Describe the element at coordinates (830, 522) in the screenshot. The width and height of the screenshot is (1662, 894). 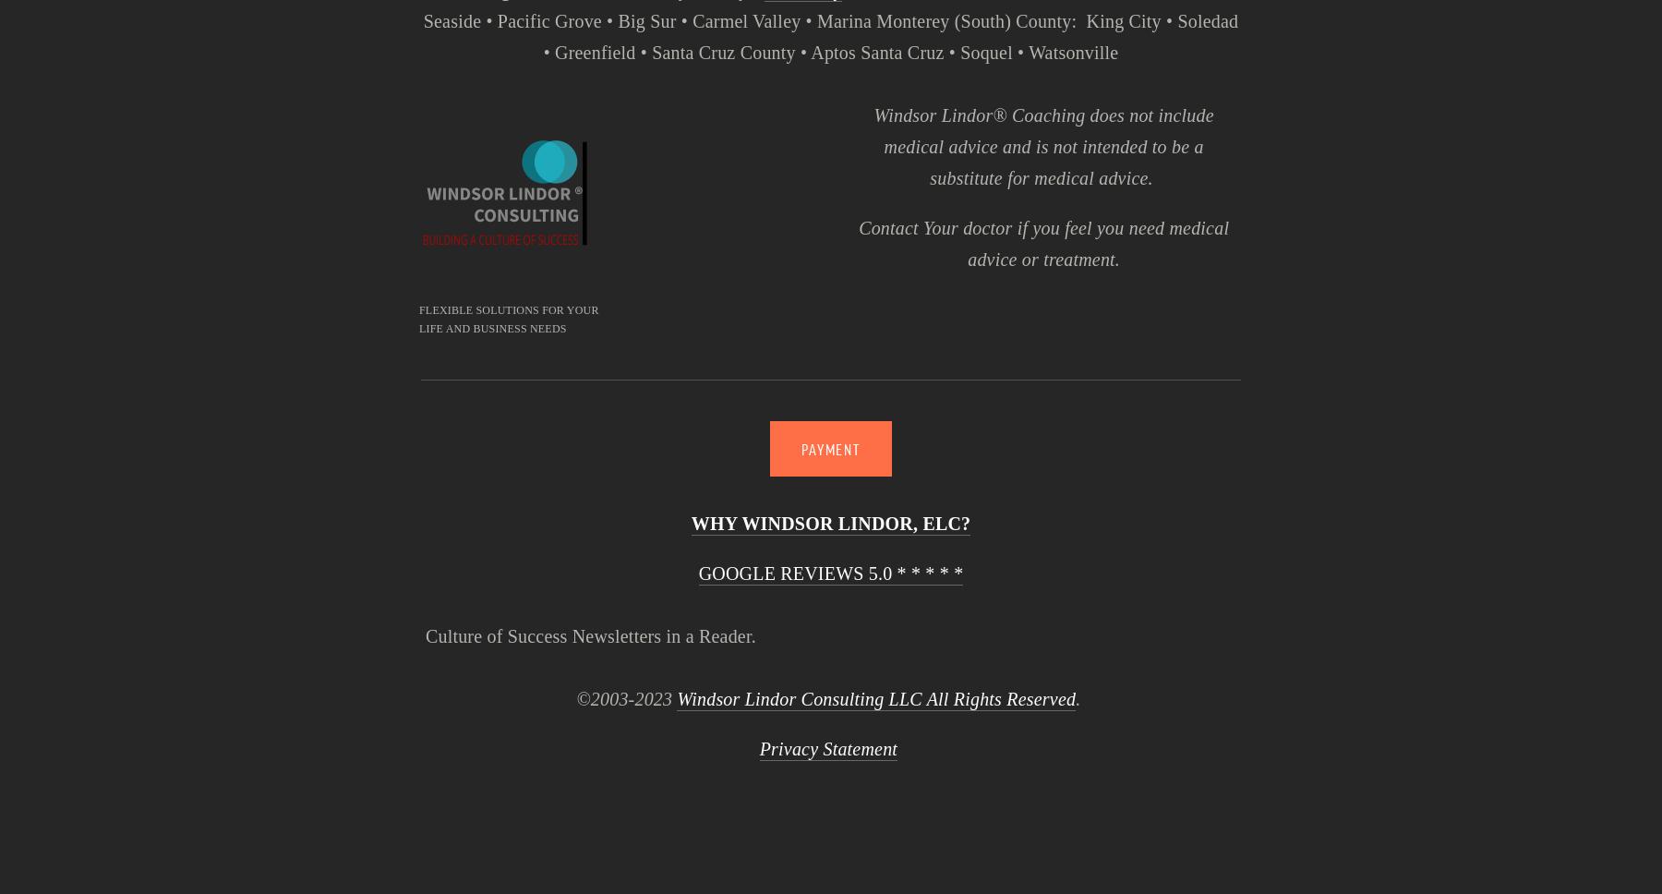
I see `'WHY WINDSOR LINDOR, ELC?'` at that location.